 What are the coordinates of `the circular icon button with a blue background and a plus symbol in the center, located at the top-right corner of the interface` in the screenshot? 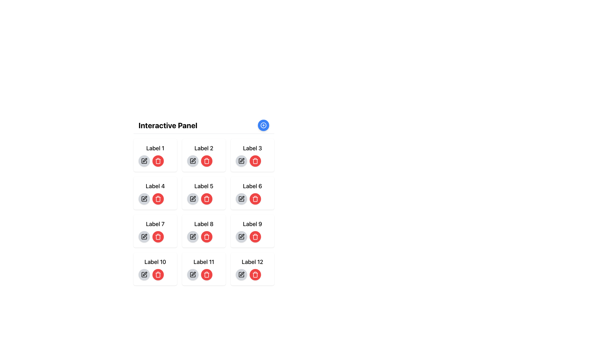 It's located at (264, 125).